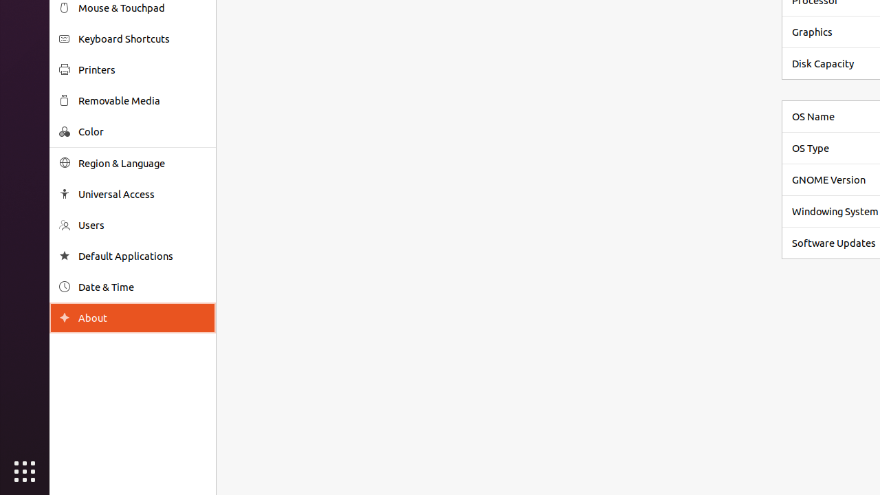 Image resolution: width=880 pixels, height=495 pixels. Describe the element at coordinates (142, 162) in the screenshot. I see `'Region & Language'` at that location.